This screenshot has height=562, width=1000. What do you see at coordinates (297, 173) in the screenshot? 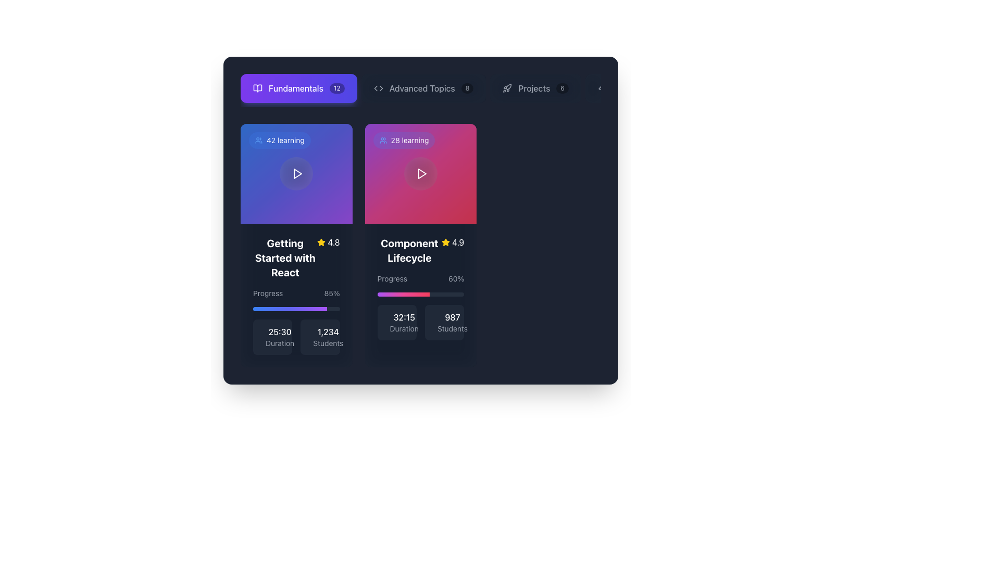
I see `the minimalistic play icon, represented as a triangle pointing to the right, located in the center of the blue gradient card titled 'Getting Started with React' under 'Fundamentals' to initiate the play action` at bounding box center [297, 173].